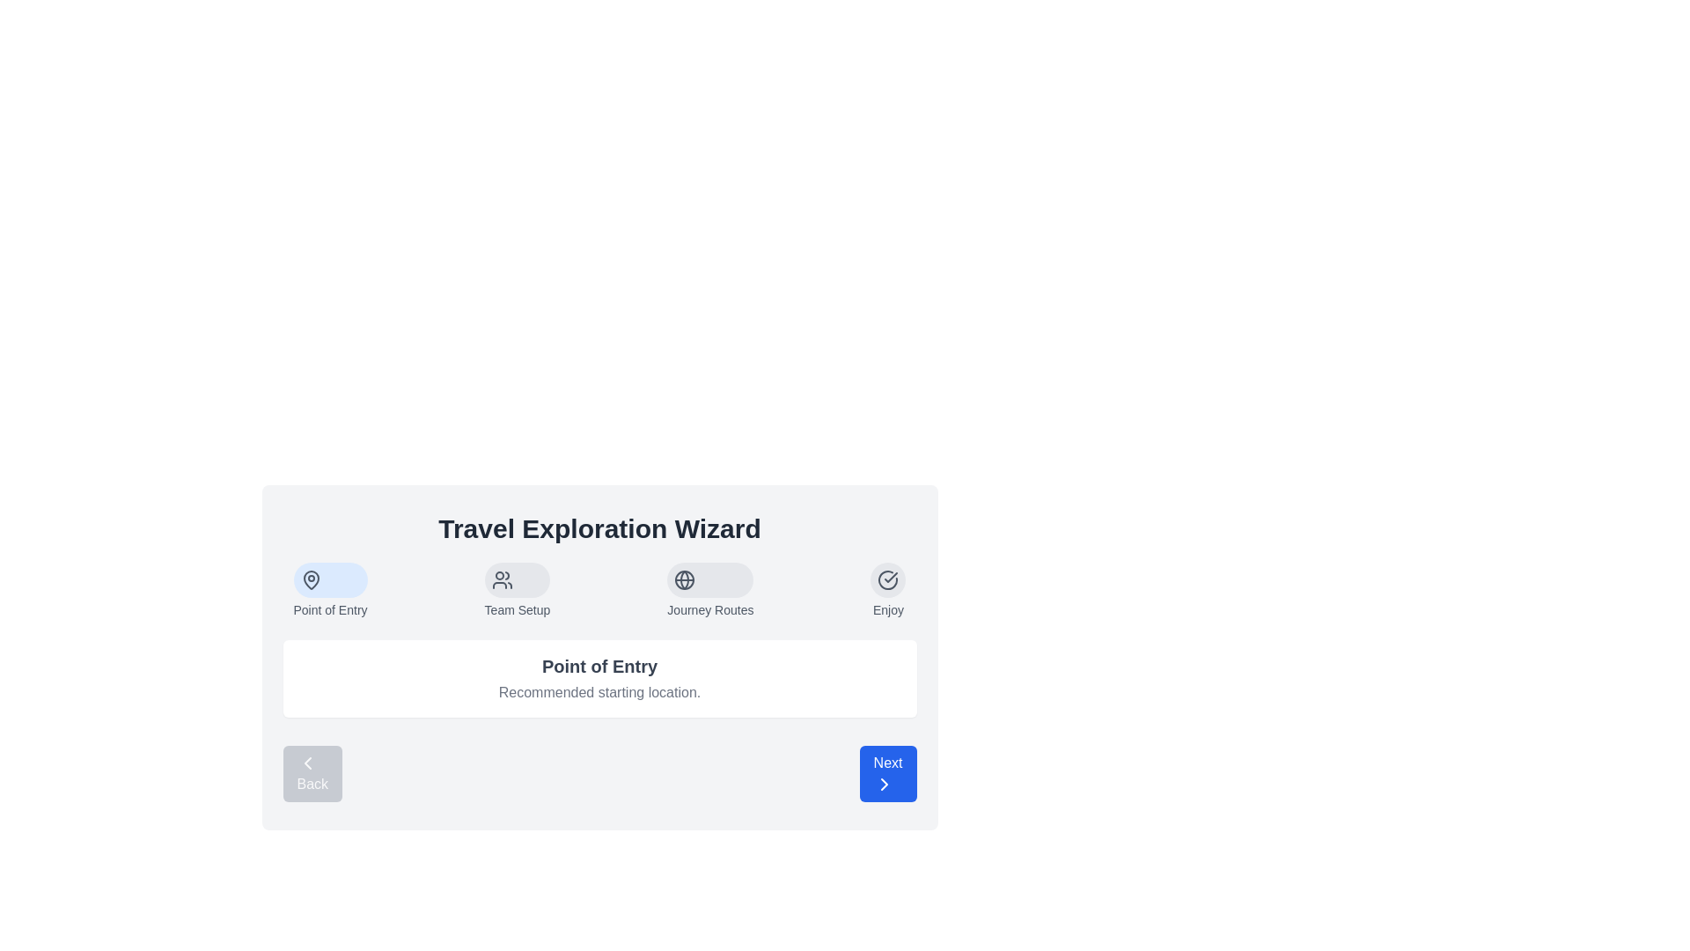 This screenshot has height=951, width=1690. What do you see at coordinates (710, 609) in the screenshot?
I see `the 'Journey Routes' text label, which is styled with a small font size and medium weight, located below a circular globe icon in the Travel Exploration Wizard interface` at bounding box center [710, 609].